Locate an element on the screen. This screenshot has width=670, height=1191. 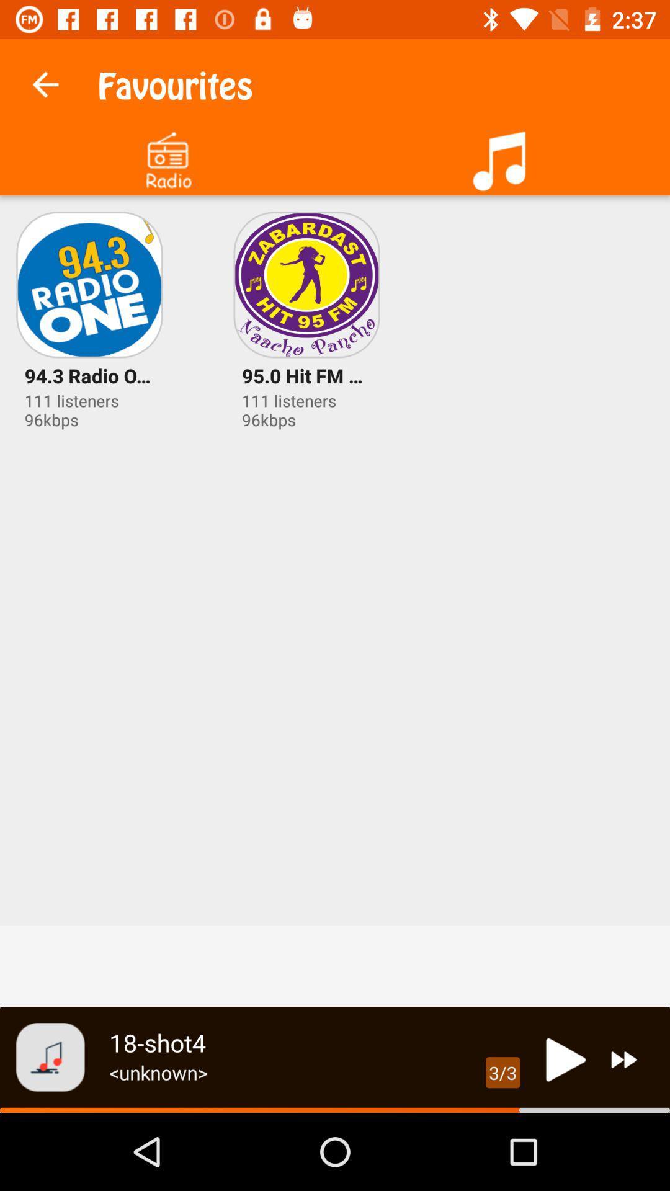
the play icon is located at coordinates (562, 1059).